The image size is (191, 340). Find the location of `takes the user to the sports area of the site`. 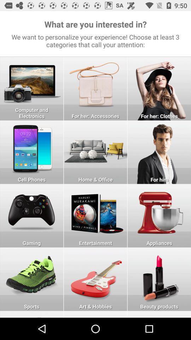

takes the user to the sports area of the site is located at coordinates (31, 279).